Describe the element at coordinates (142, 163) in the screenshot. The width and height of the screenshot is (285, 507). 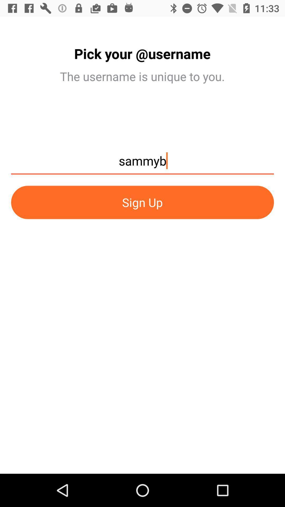
I see `the sammyb item` at that location.